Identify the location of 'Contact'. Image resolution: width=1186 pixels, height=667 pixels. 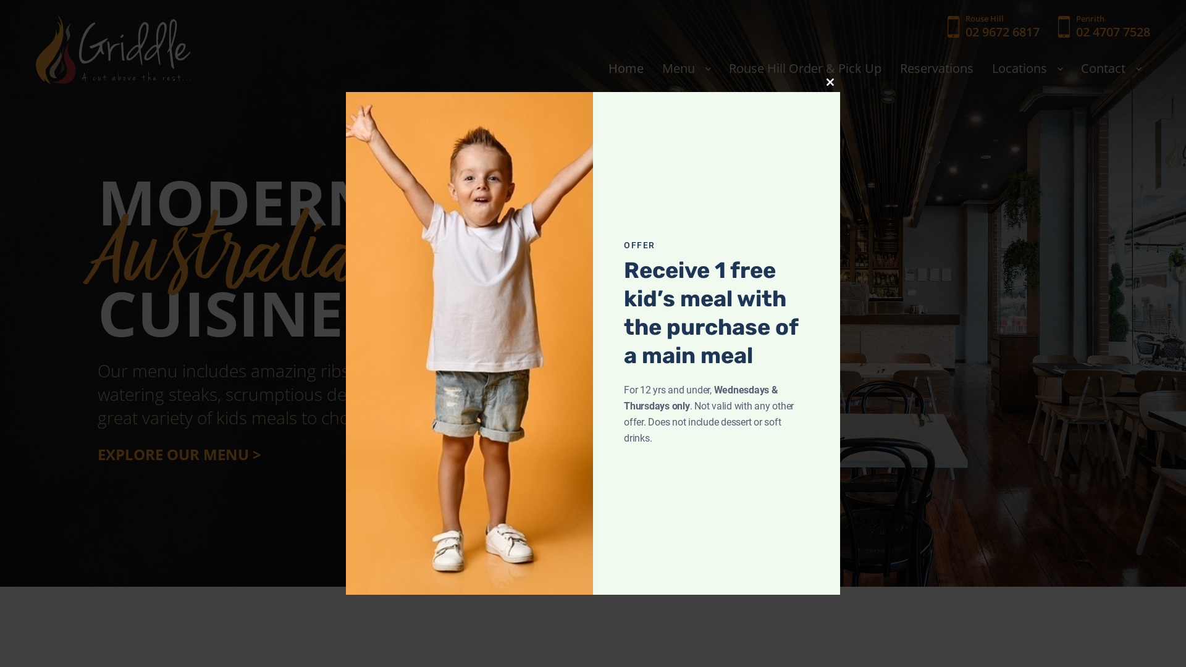
(1111, 69).